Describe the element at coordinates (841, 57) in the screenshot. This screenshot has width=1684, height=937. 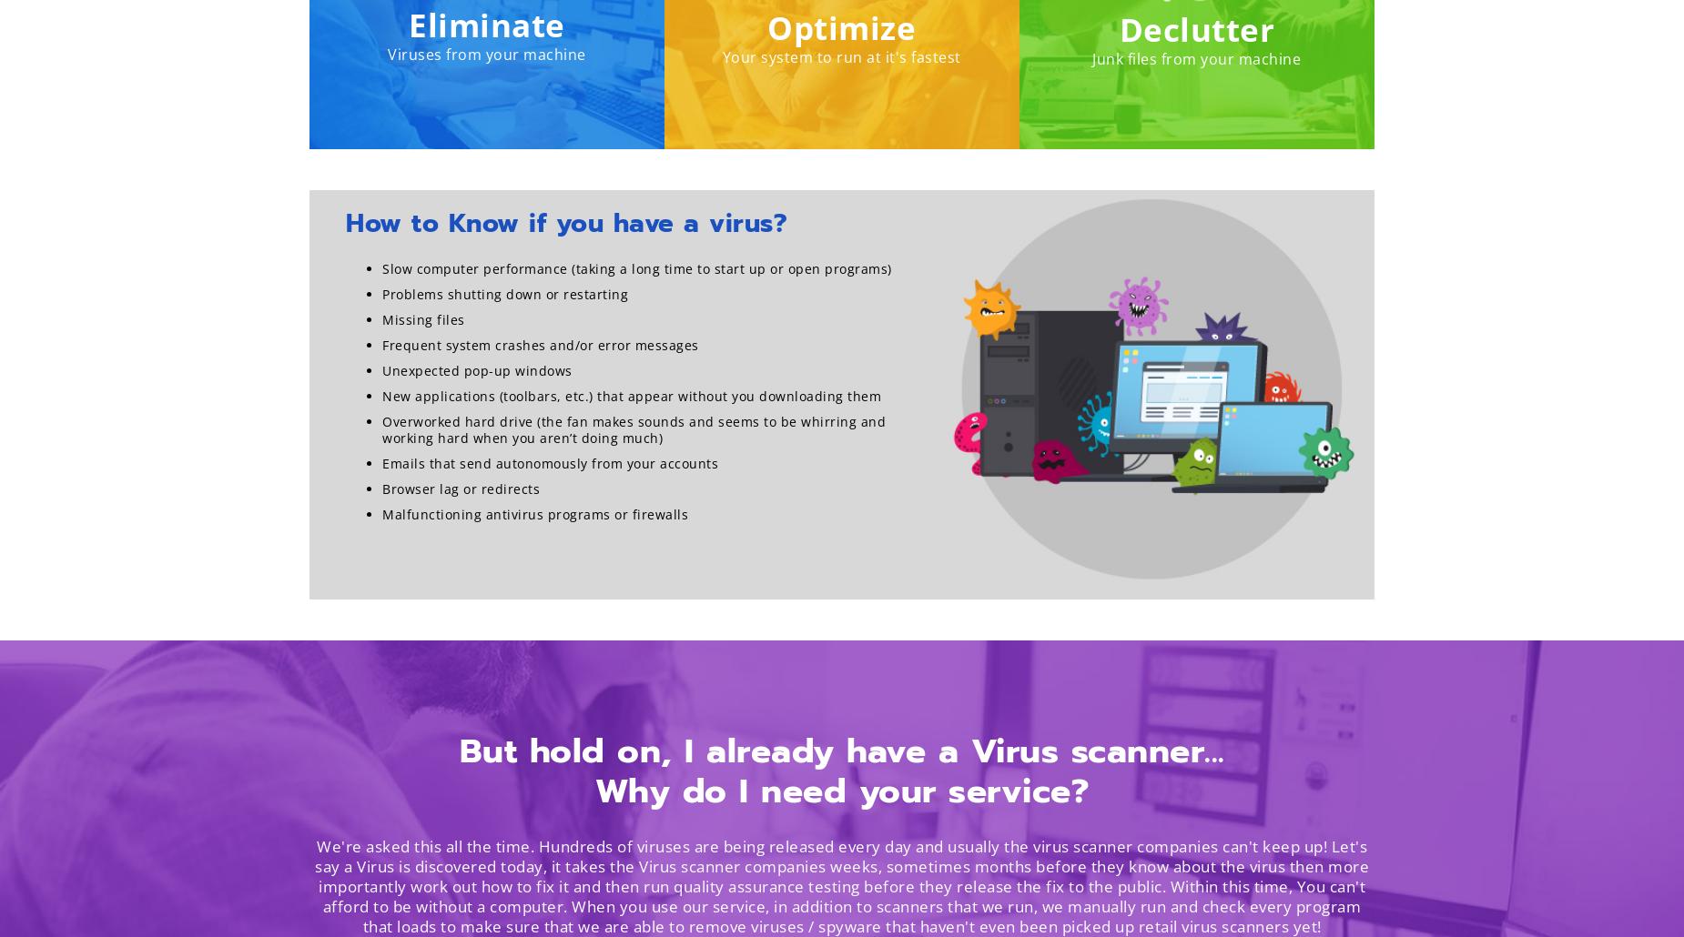
I see `'Your system to run at it's fastest'` at that location.